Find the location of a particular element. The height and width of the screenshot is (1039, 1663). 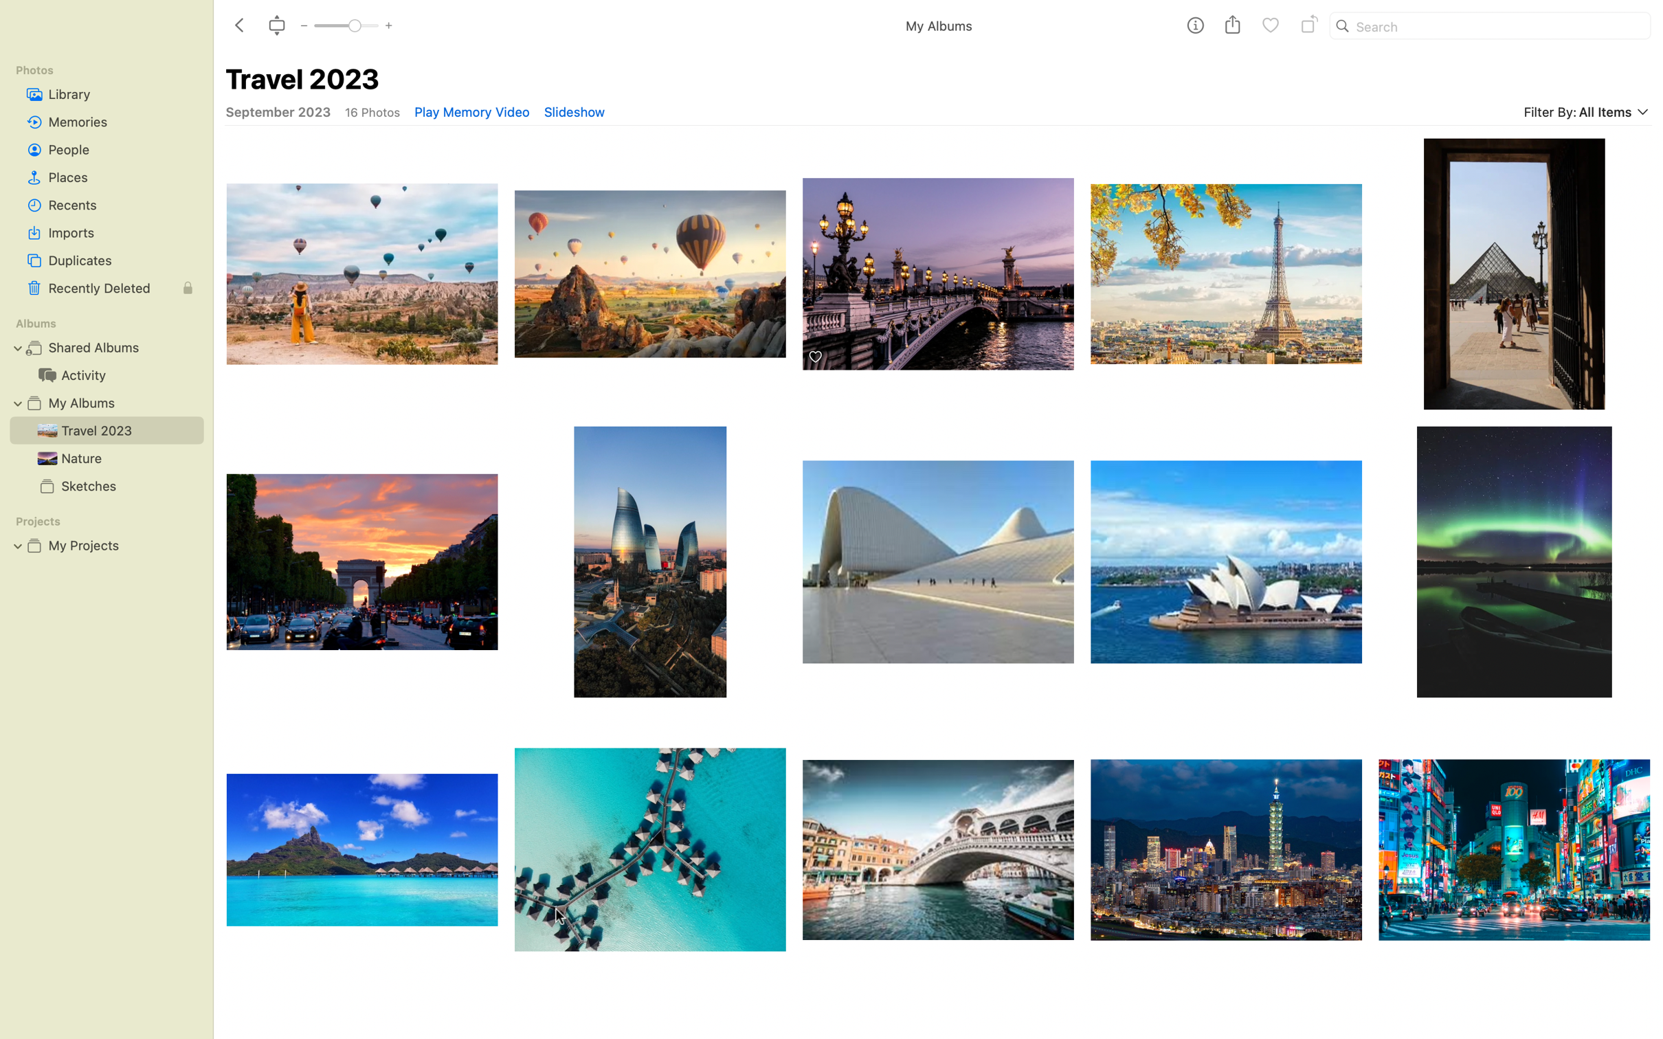

first picture with hot air balloons is located at coordinates (360, 267).